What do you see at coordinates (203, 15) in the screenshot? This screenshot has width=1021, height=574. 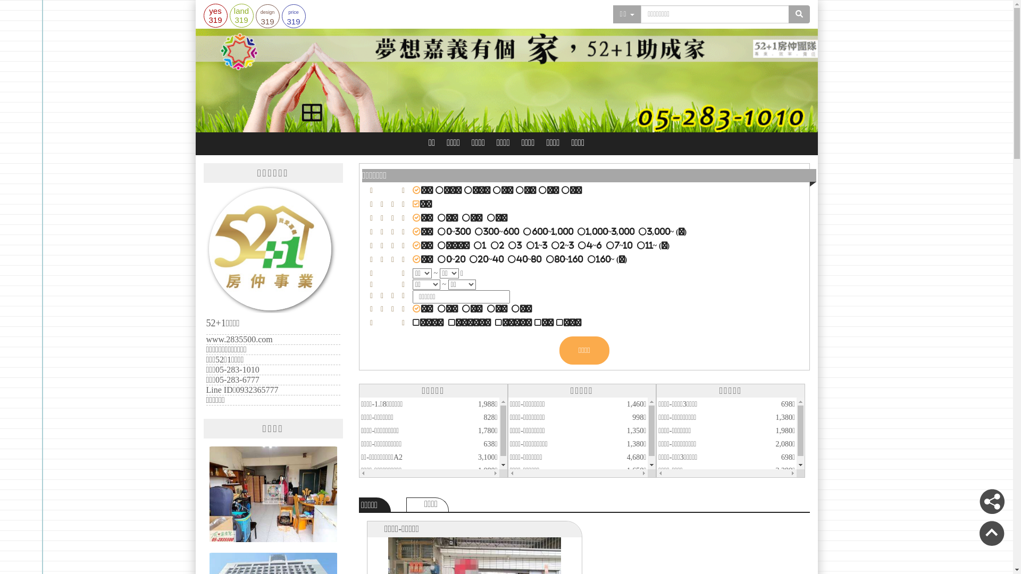 I see `'yes` at bounding box center [203, 15].